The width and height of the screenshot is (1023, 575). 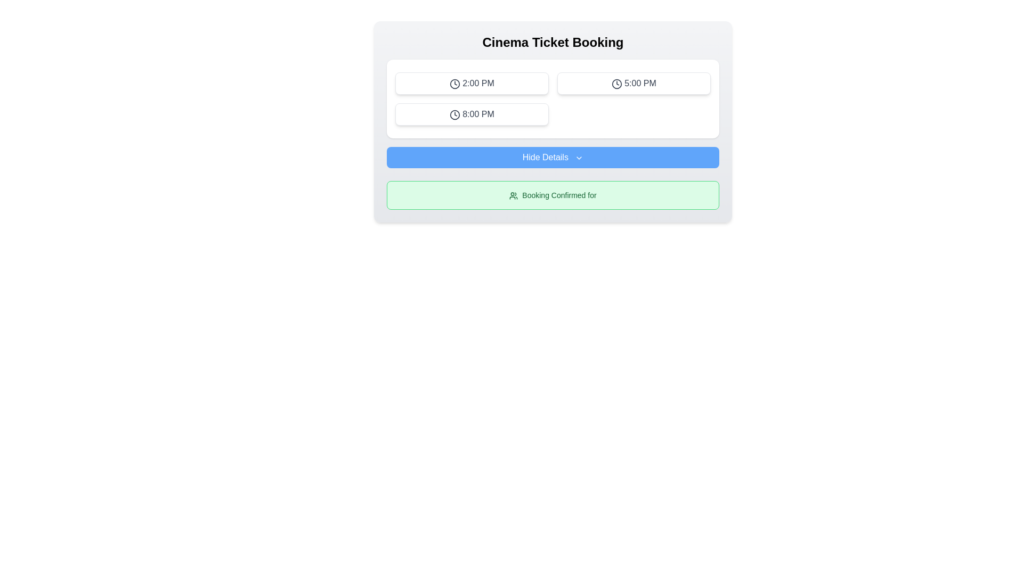 I want to click on the green inline icon depicting a group of users, which is positioned left of the text 'Booking Confirmed for', so click(x=514, y=196).